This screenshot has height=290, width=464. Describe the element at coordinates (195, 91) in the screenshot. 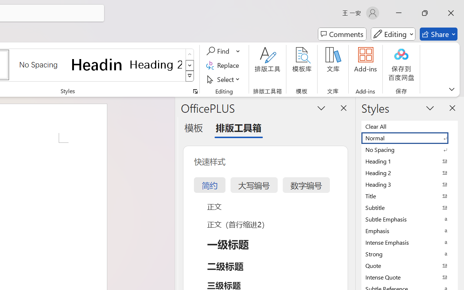

I see `'Styles...'` at that location.